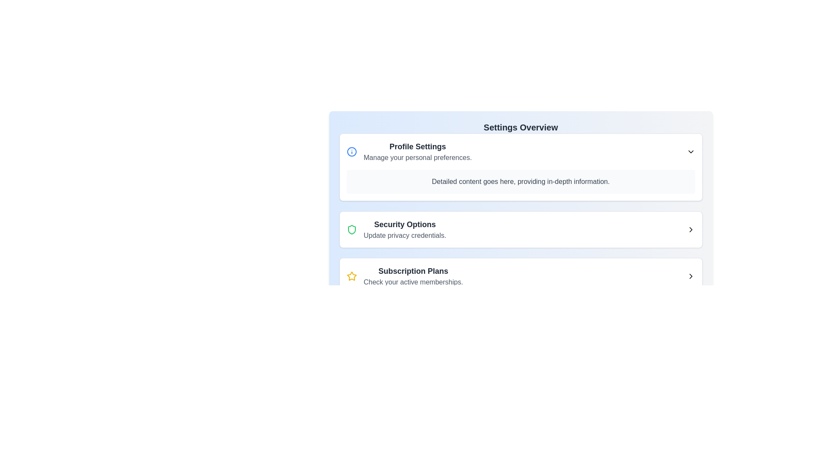  What do you see at coordinates (351, 229) in the screenshot?
I see `the decorative security icon located in the central column of the Settings Overview panel, in the 'Security Options' section` at bounding box center [351, 229].